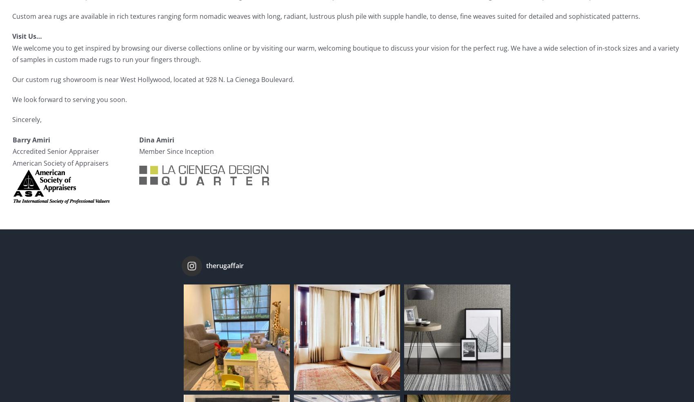 The height and width of the screenshot is (402, 694). I want to click on 'Custom area rugs are available in rich textures ranging form nomadic weaves with long, radiant, lustrous plush pile with supple handle, to dense, fine weaves suited for detailed and sophisticated patterns.', so click(12, 16).